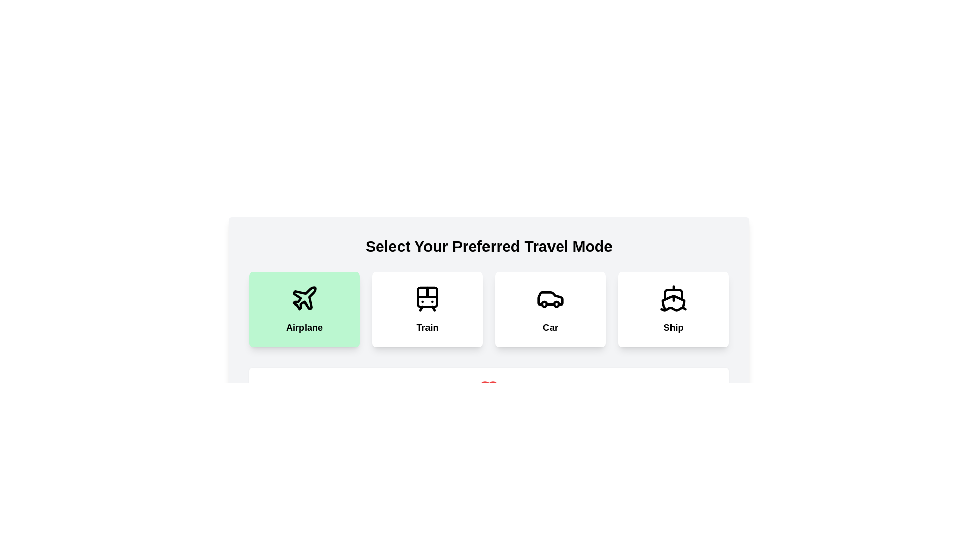 This screenshot has width=976, height=549. I want to click on the airplane icon within the first button in the horizontal row of four options, so click(304, 297).